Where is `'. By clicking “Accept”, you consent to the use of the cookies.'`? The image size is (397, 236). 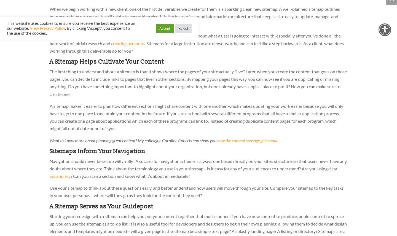
'. By clicking “Accept”, you consent to the use of the cookies.' is located at coordinates (68, 30).